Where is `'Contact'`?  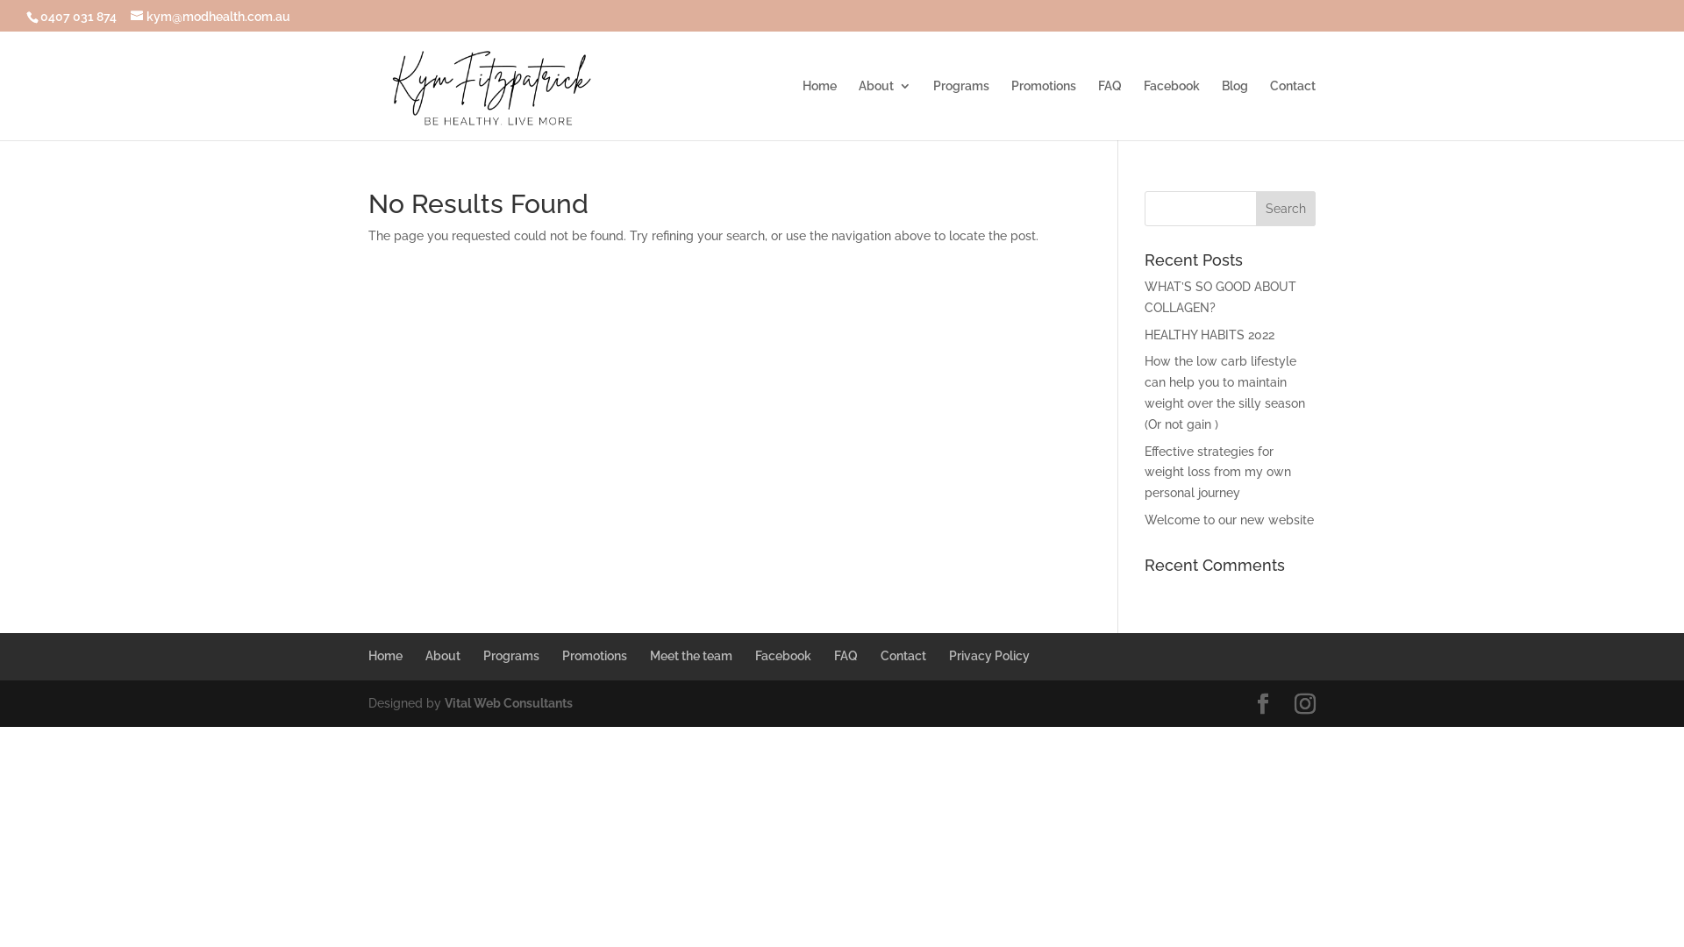
'Contact' is located at coordinates (1292, 110).